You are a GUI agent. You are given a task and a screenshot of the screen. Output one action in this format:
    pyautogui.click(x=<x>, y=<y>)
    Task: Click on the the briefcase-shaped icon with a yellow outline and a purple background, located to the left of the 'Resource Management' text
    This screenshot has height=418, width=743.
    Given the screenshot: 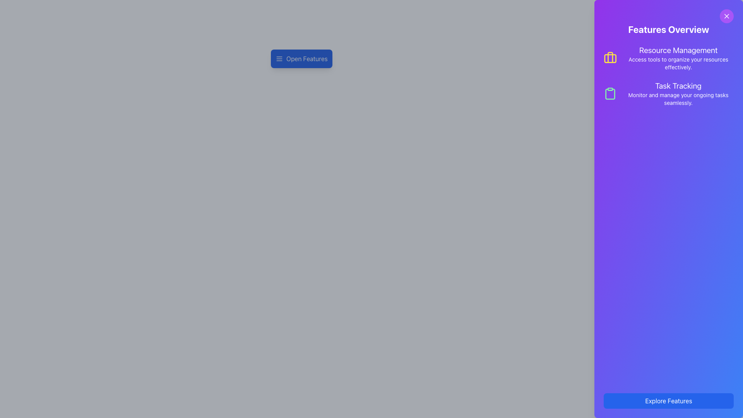 What is the action you would take?
    pyautogui.click(x=610, y=58)
    